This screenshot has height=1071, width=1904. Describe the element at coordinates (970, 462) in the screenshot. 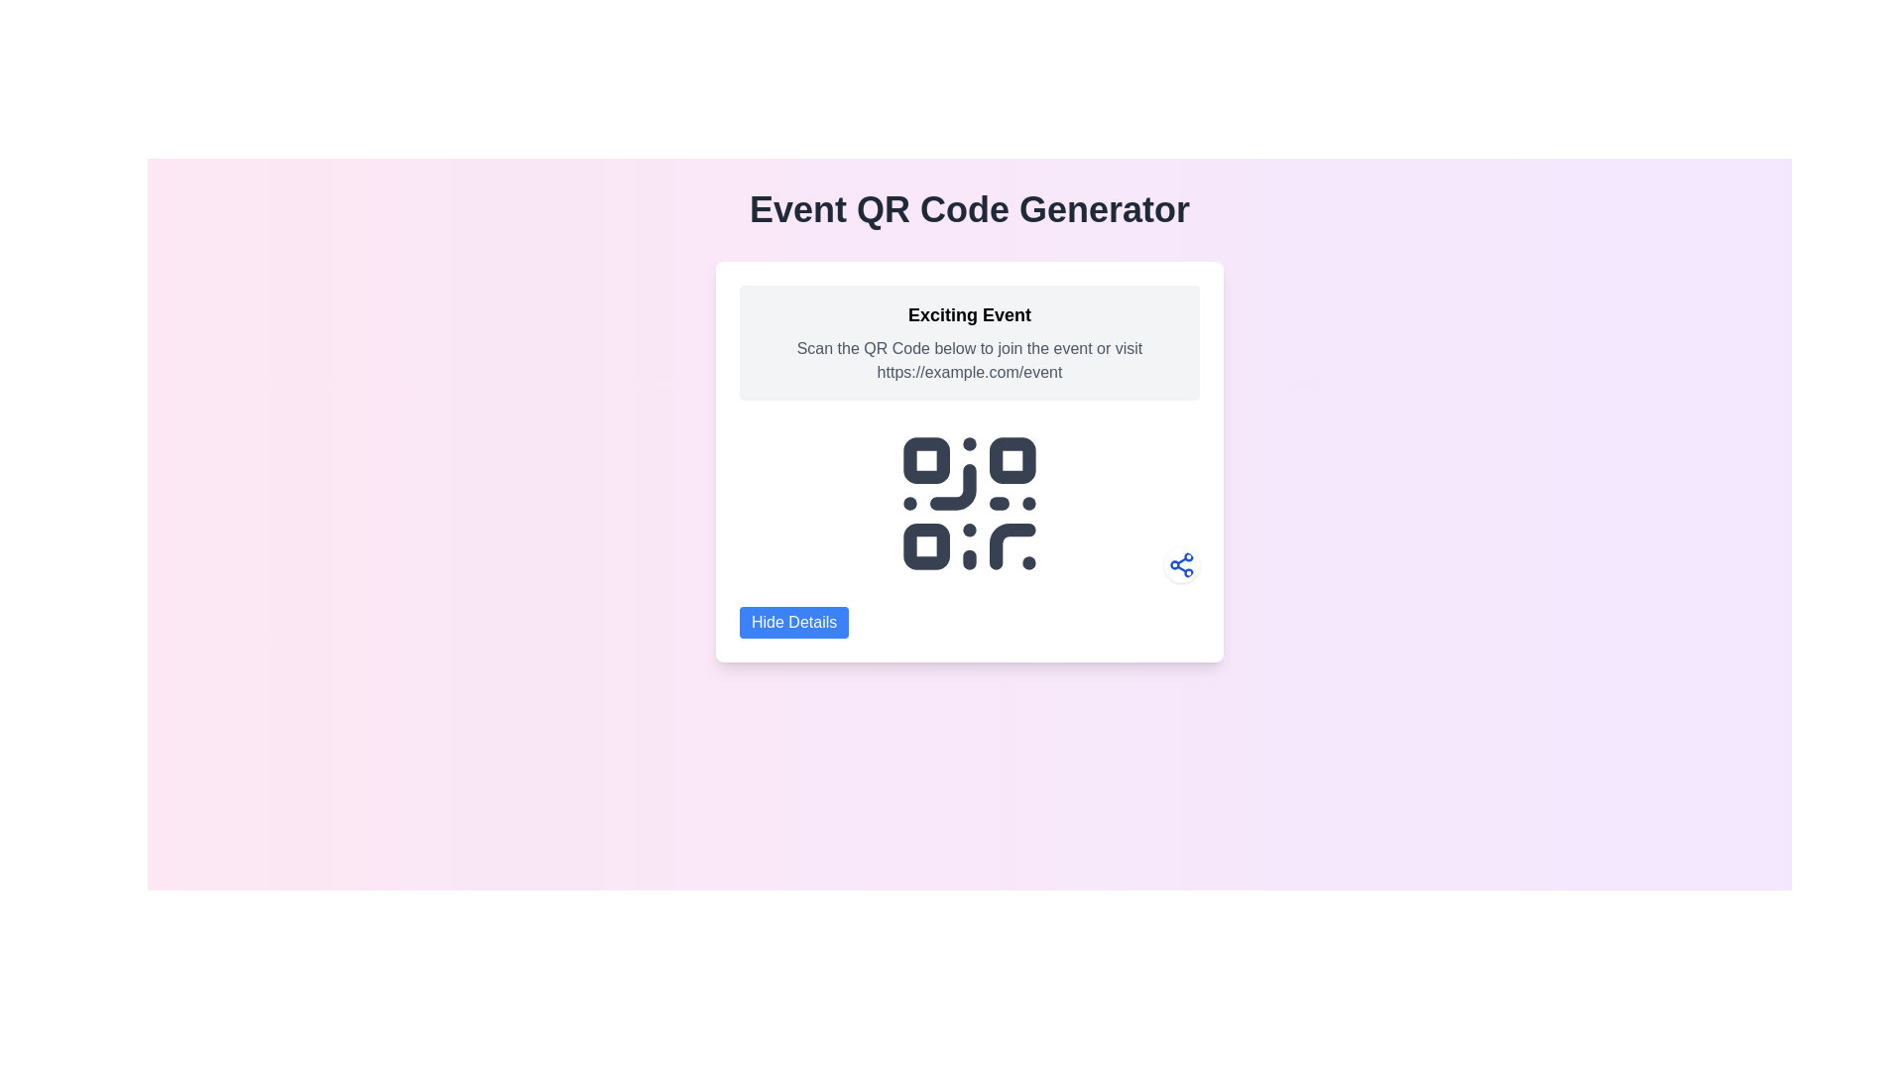

I see `the QR code within the card that provides information about the event` at that location.